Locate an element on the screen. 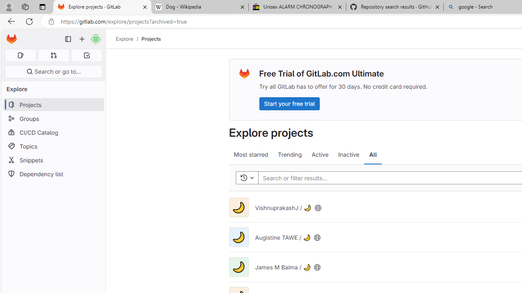 The image size is (522, 293). 'Dependency list' is located at coordinates (53, 173).